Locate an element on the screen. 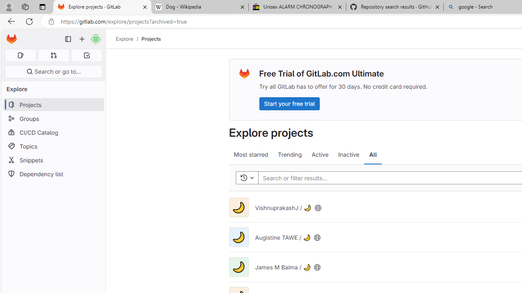 The image size is (522, 293). 'Dependency list' is located at coordinates (53, 173).